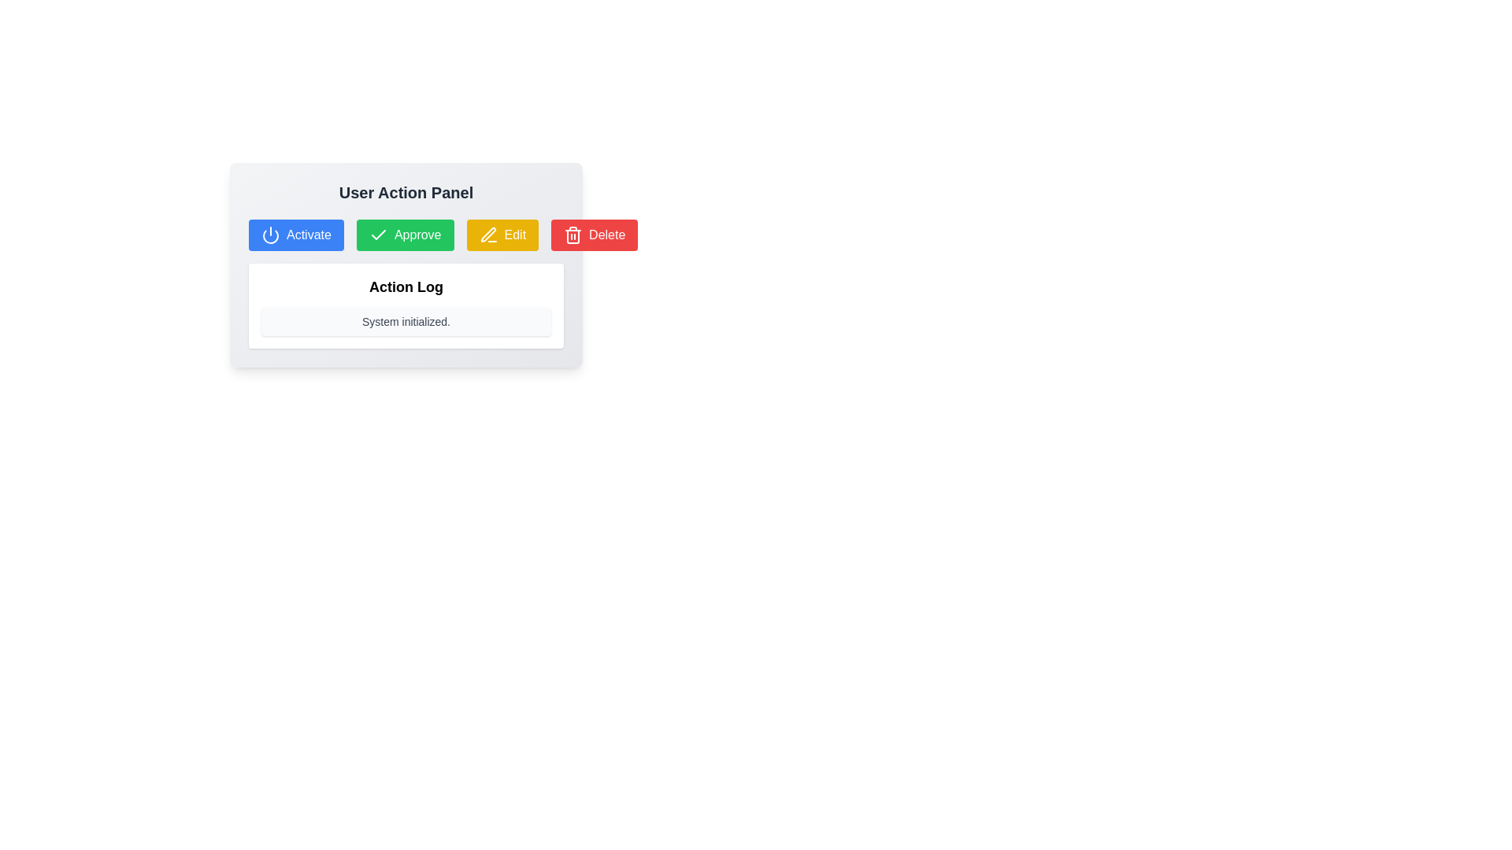 The width and height of the screenshot is (1512, 850). I want to click on the 'Edit' icon located inside the yellow button labeled 'Edit', which is the third button from the left in the User Action Panel, so click(487, 235).